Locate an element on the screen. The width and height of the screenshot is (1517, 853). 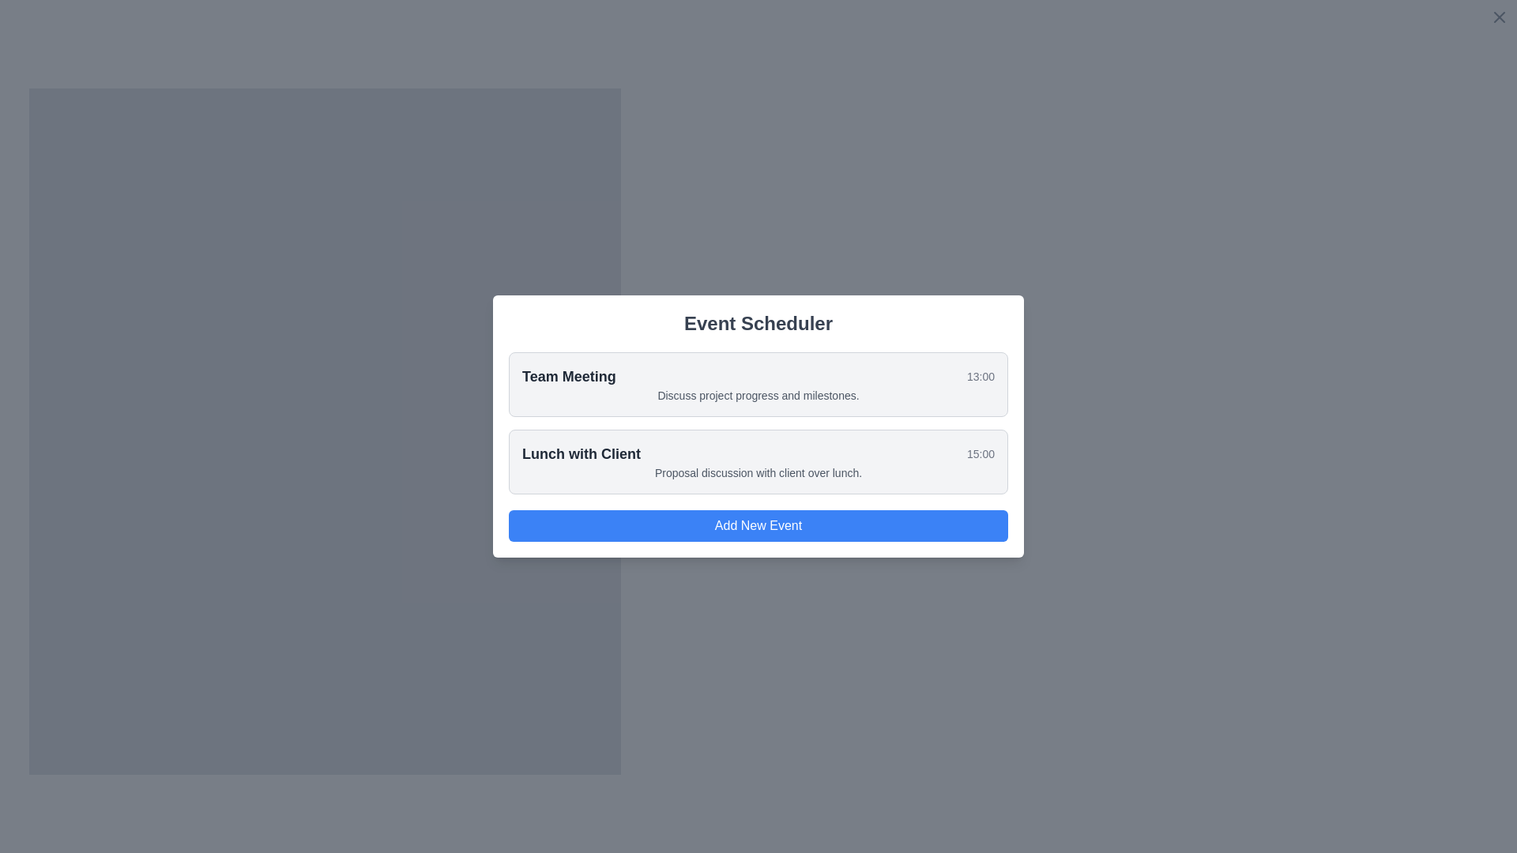
the list item titled 'Lunch with Client', which contains the time '15:00' and a description stating 'Proposal discussion with client over lunch.' is located at coordinates (758, 462).